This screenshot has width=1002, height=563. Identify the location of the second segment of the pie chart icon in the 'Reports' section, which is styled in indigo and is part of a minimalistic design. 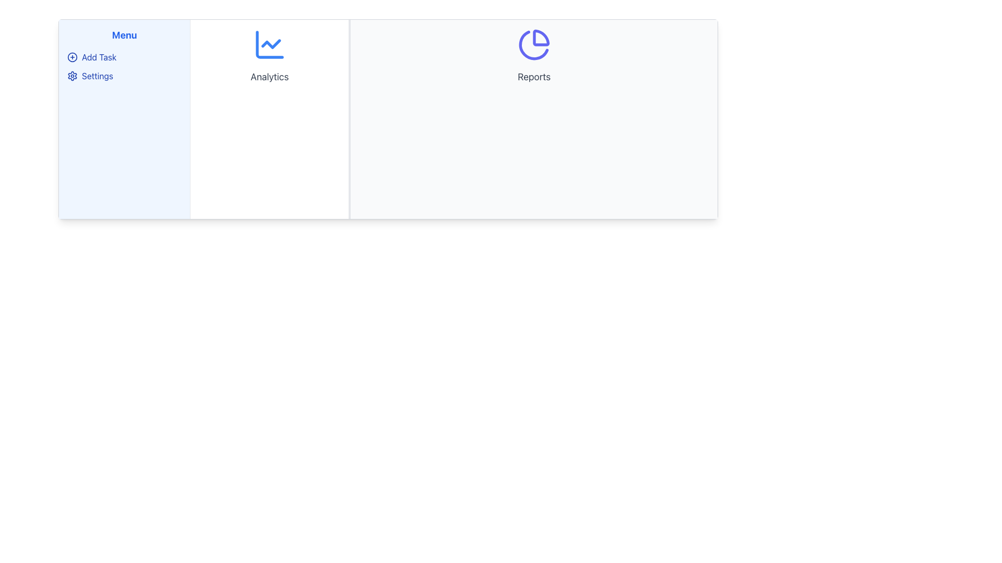
(533, 45).